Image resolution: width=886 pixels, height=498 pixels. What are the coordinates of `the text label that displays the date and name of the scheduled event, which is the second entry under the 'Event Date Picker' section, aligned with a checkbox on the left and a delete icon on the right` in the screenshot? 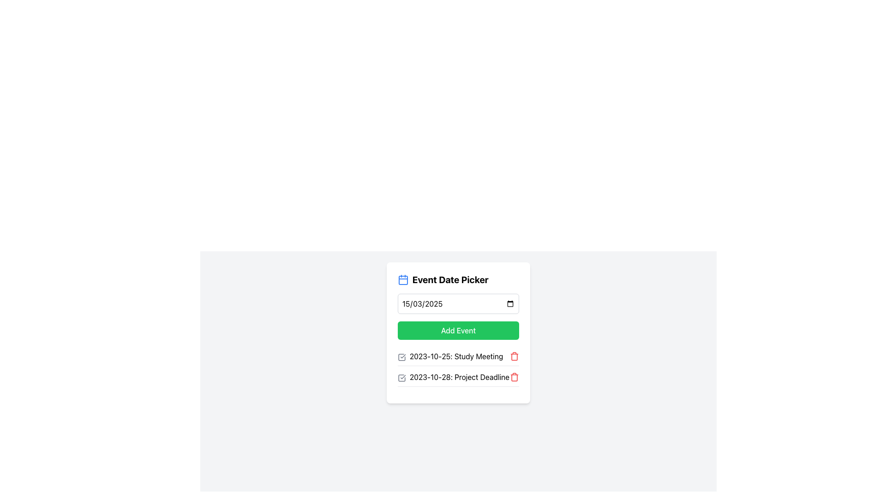 It's located at (450, 356).